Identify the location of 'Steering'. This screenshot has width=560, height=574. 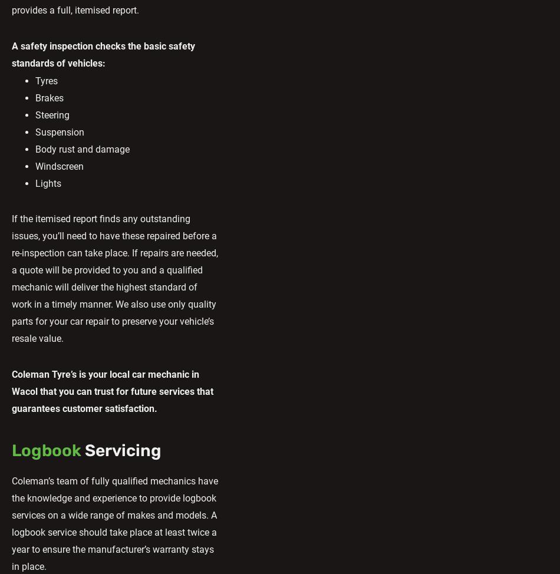
(52, 115).